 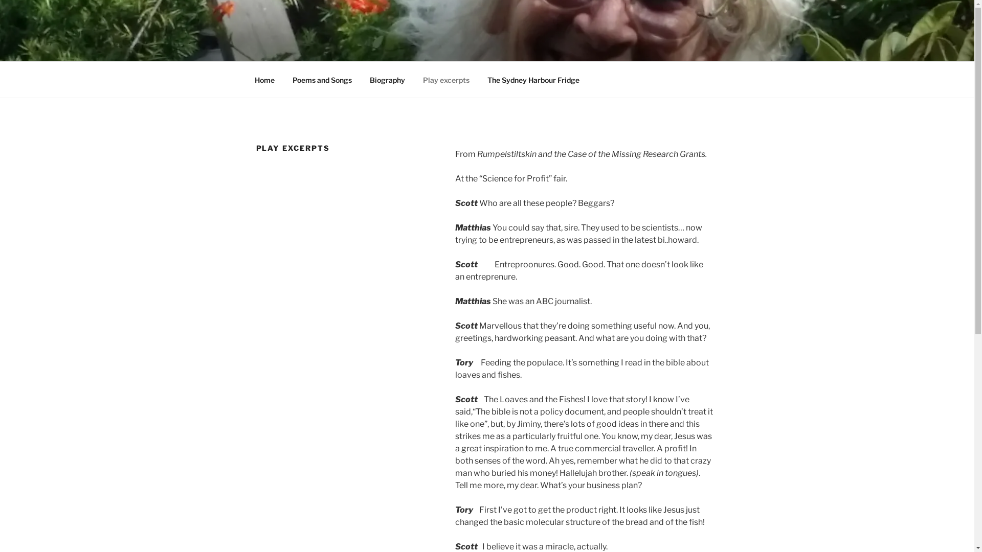 I want to click on 'Home', so click(x=264, y=79).